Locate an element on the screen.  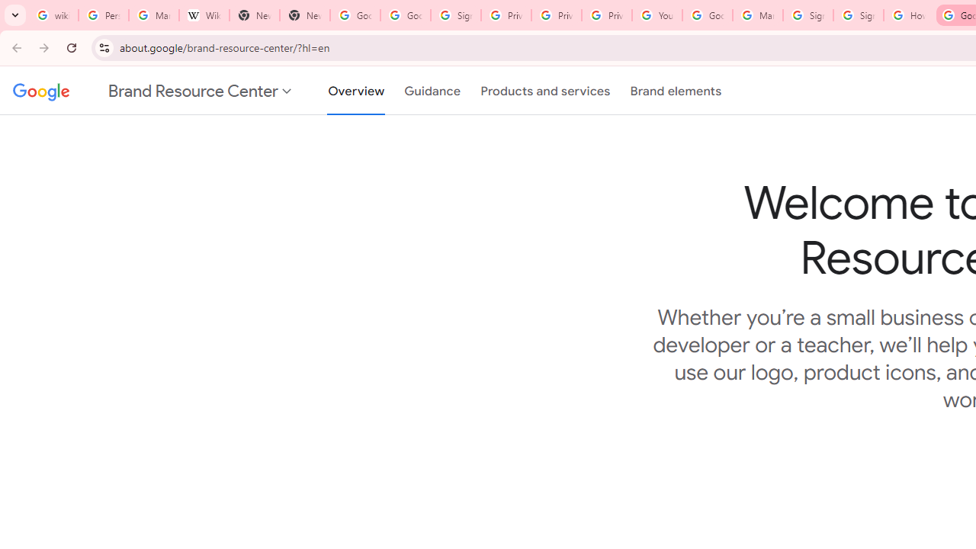
'Wikipedia:Edit requests - Wikipedia' is located at coordinates (204, 15).